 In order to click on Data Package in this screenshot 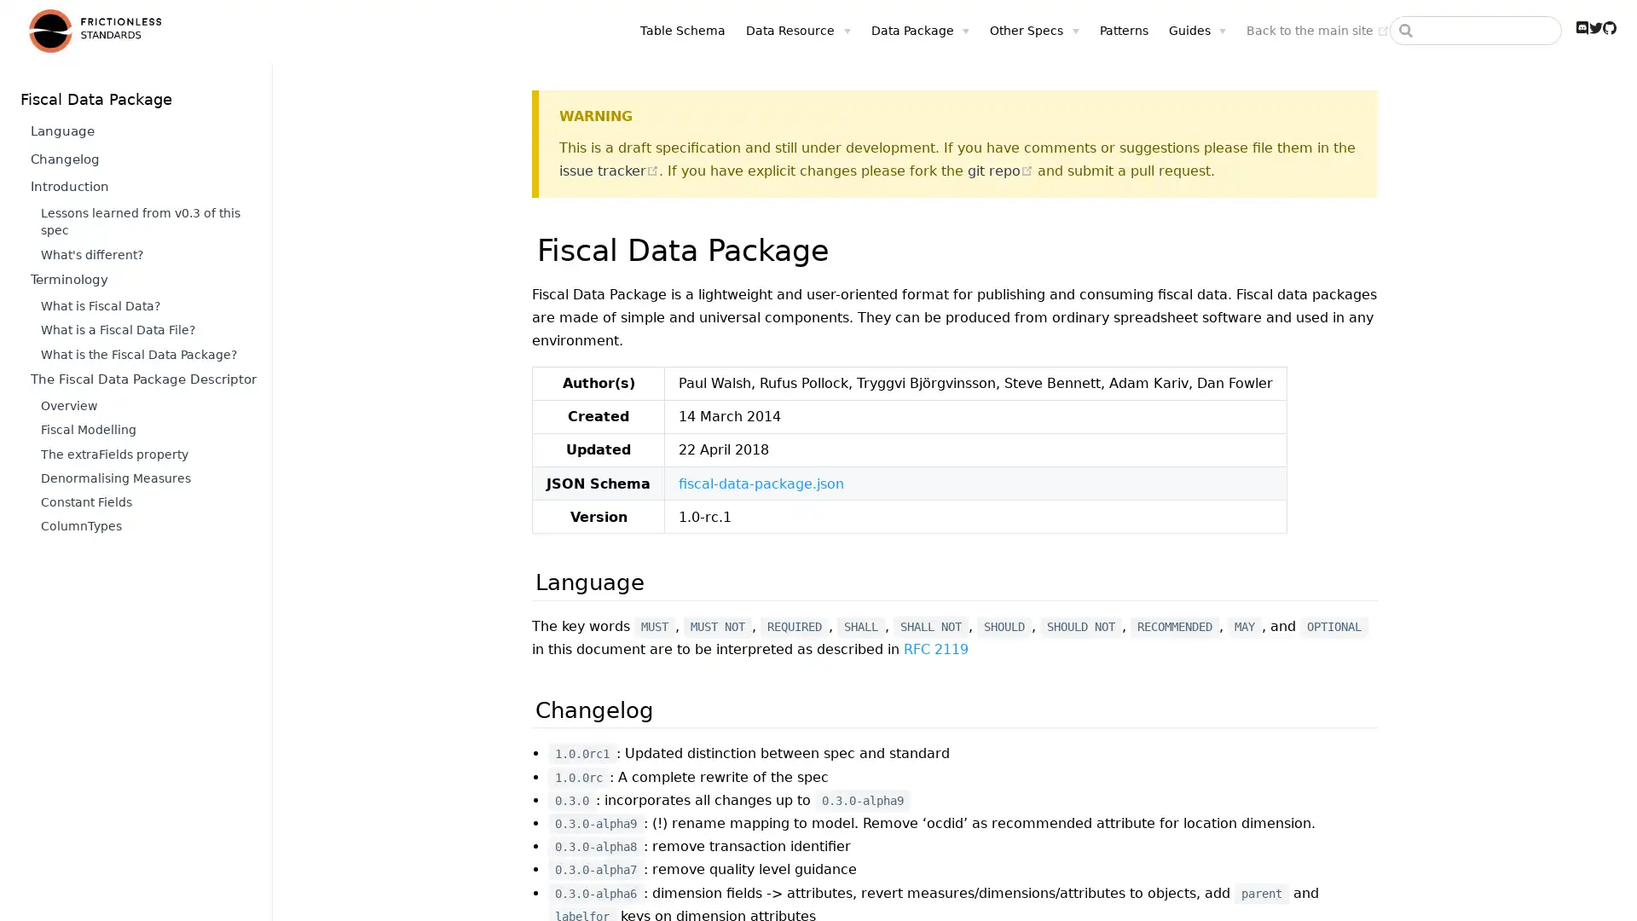, I will do `click(919, 30)`.